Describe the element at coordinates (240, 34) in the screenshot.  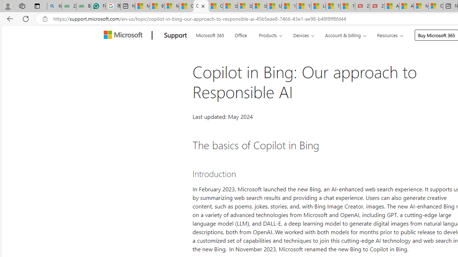
I see `'Office'` at that location.